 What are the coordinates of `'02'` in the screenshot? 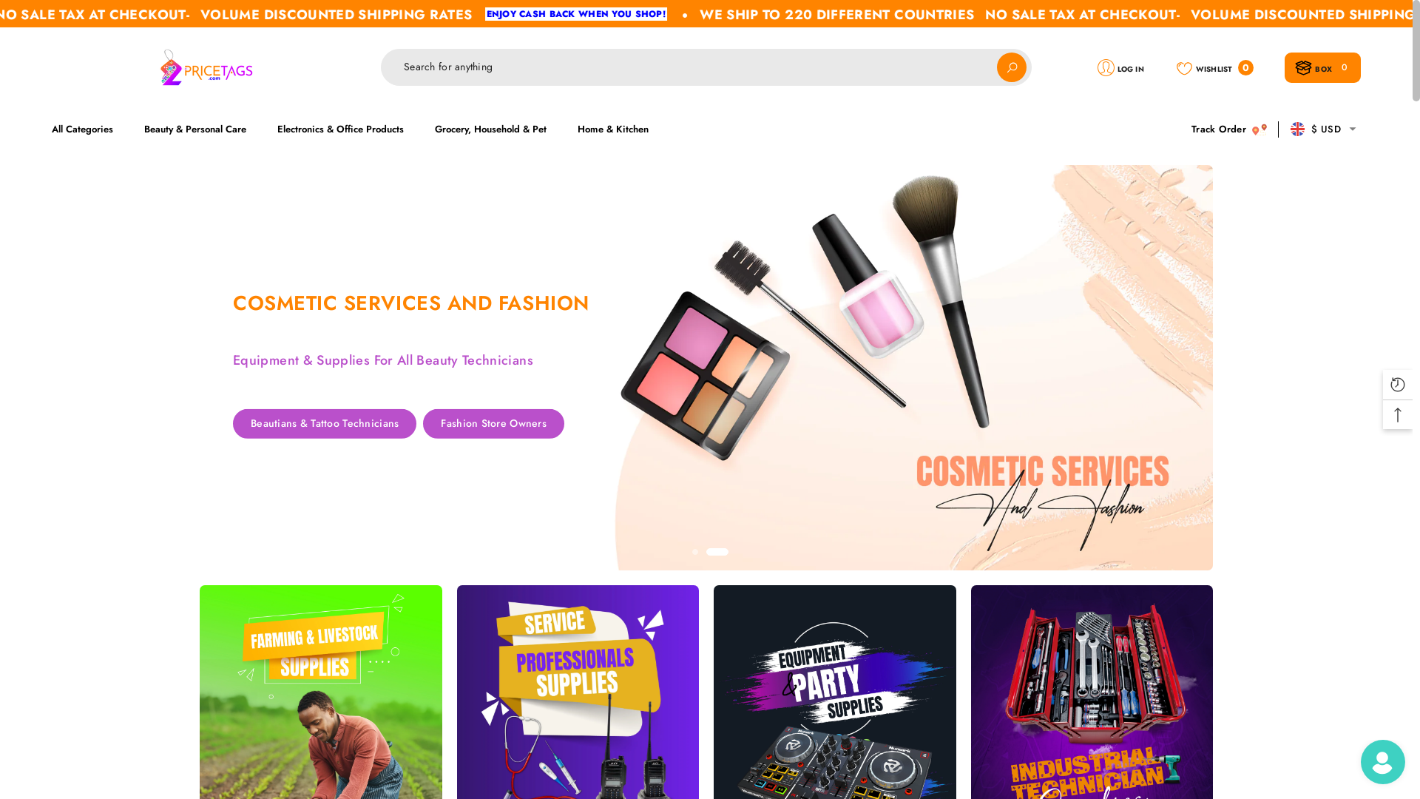 It's located at (717, 551).